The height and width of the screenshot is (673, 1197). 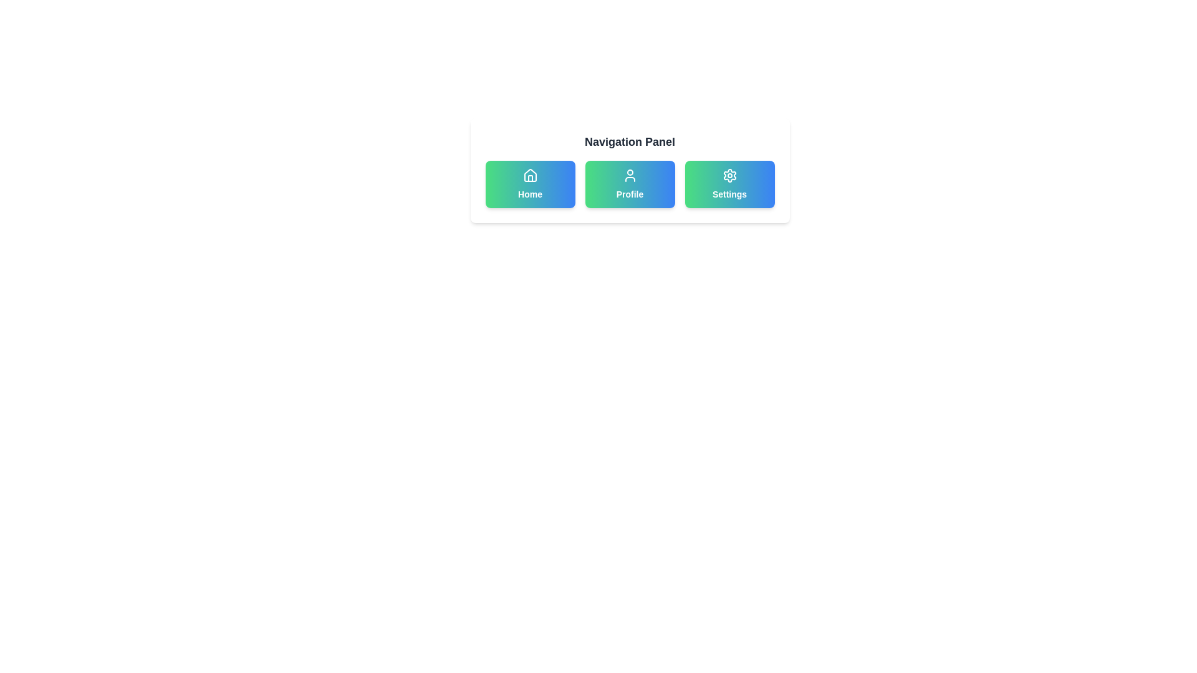 I want to click on the rectangular 'Profile' button with a gradient background transitioning from green to blue, located between the 'Home' and 'Settings' buttons, so click(x=630, y=184).